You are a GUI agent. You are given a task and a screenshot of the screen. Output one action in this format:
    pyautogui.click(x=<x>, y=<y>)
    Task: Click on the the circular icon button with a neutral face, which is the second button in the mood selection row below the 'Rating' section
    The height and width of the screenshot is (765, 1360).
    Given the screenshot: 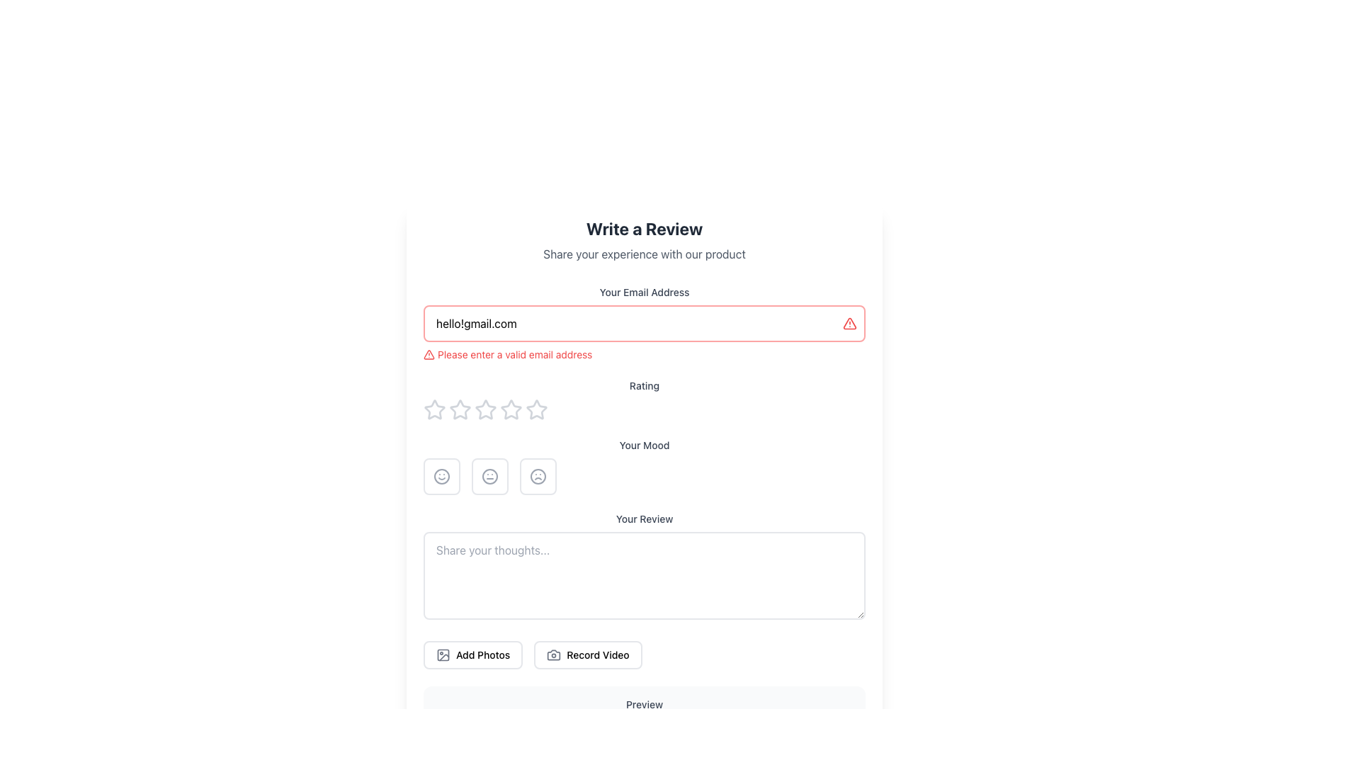 What is the action you would take?
    pyautogui.click(x=489, y=476)
    